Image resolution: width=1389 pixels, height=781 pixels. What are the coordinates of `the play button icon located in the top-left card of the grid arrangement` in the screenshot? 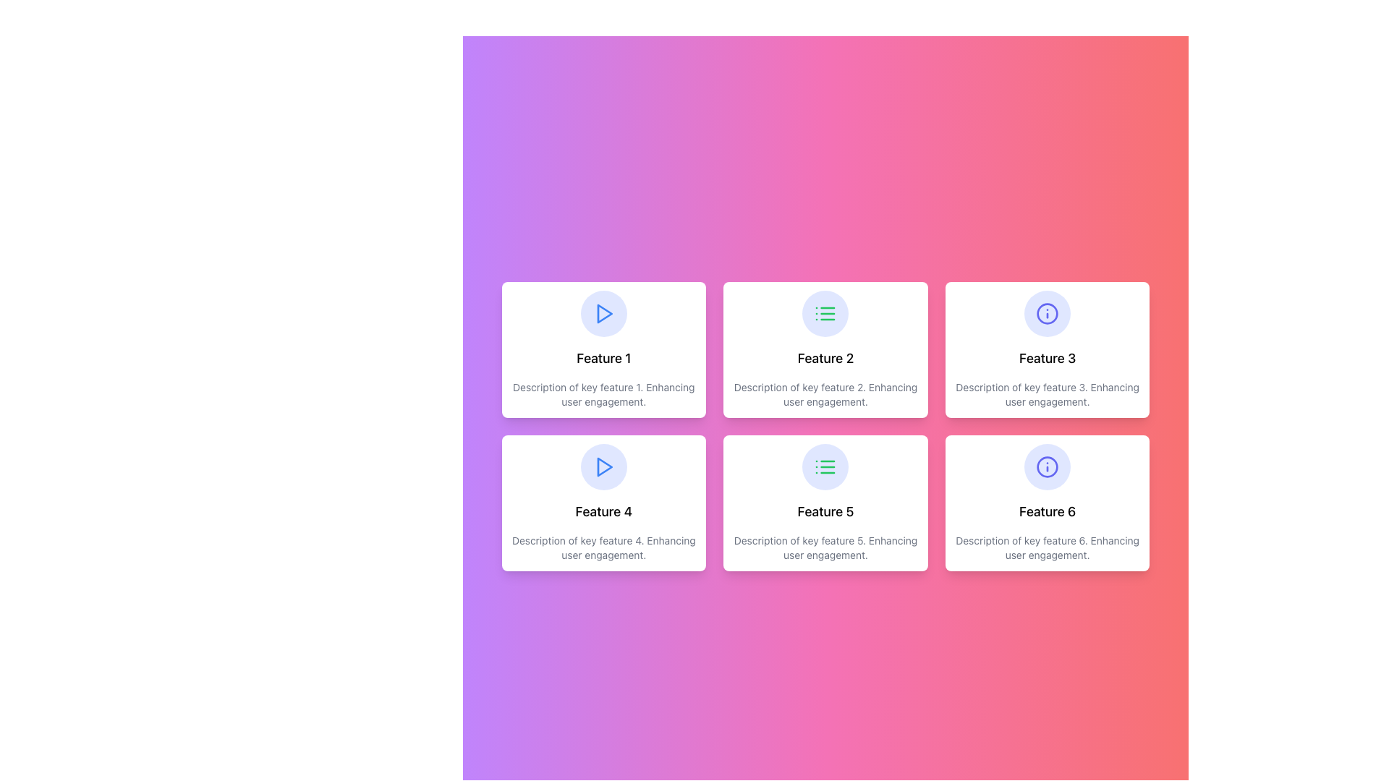 It's located at (603, 313).